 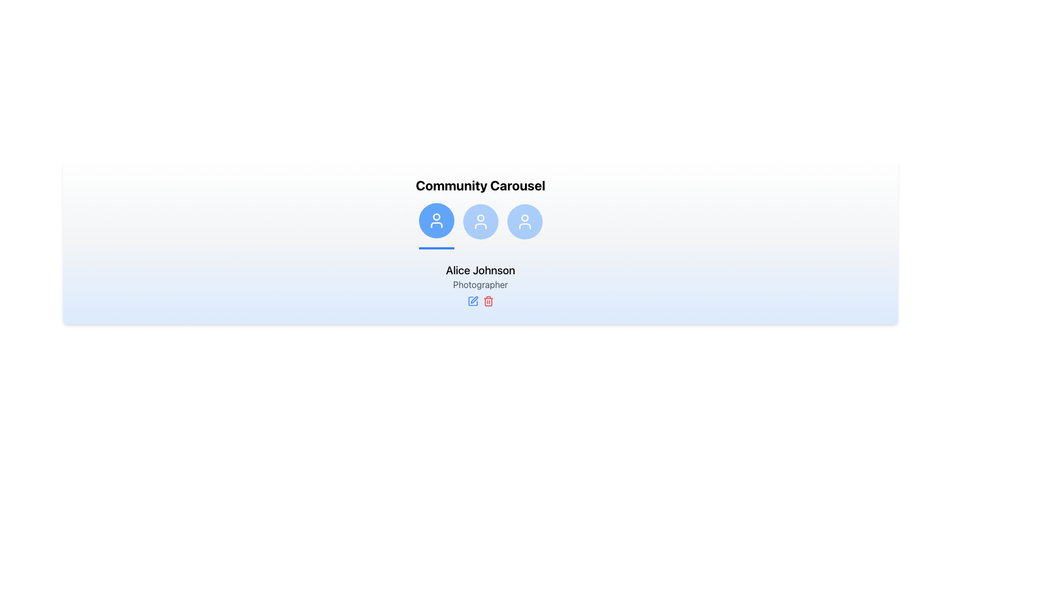 What do you see at coordinates (480, 221) in the screenshot?
I see `the user icon represented by a circular outline and a dot for the head, located in the middle of a horizontal row of three icons beneath 'Community Carousel'` at bounding box center [480, 221].